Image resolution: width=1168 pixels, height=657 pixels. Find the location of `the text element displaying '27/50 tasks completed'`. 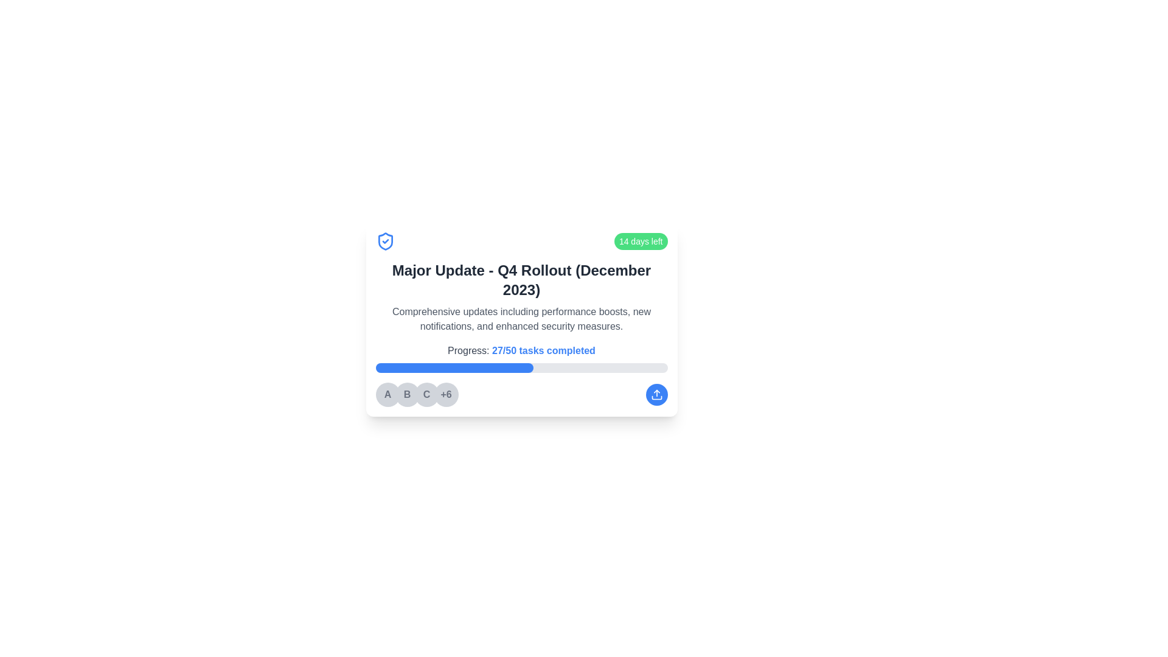

the text element displaying '27/50 tasks completed' is located at coordinates (543, 350).